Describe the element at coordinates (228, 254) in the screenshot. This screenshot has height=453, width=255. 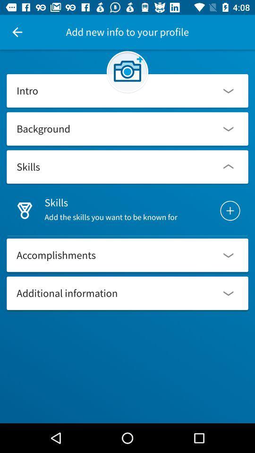
I see `drop down right to accomplishments` at that location.